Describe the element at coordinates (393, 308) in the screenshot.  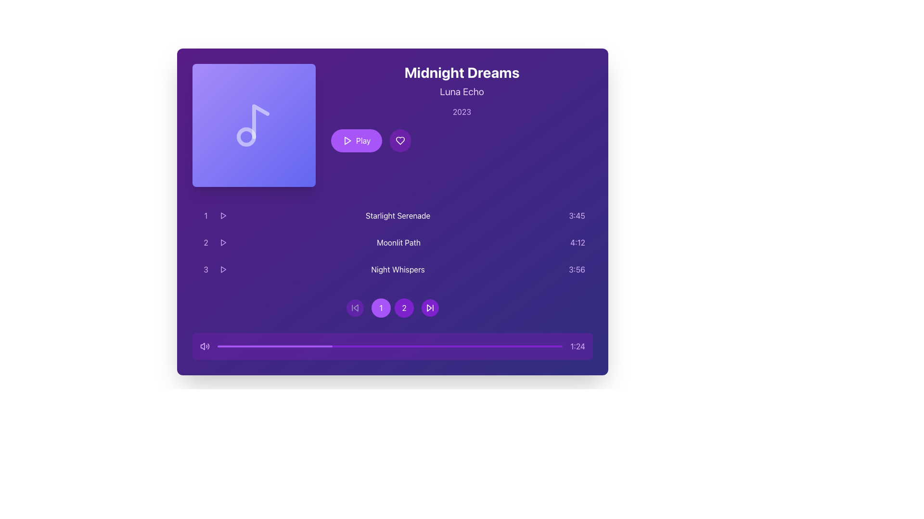
I see `the circular button with a purple background and white number '1'` at that location.